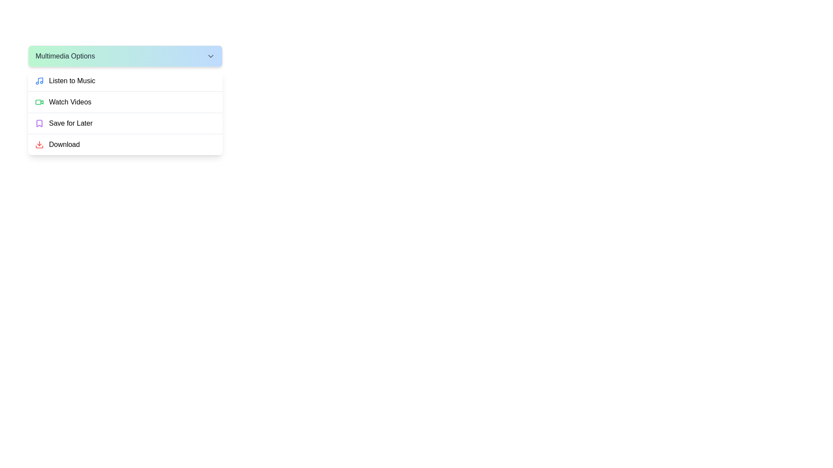 The width and height of the screenshot is (833, 468). Describe the element at coordinates (38, 101) in the screenshot. I see `the SVG rectangle within the video camera icon, which is located slightly to the left and towards the center of the icon, adjacent to the 'Watch Videos' label` at that location.